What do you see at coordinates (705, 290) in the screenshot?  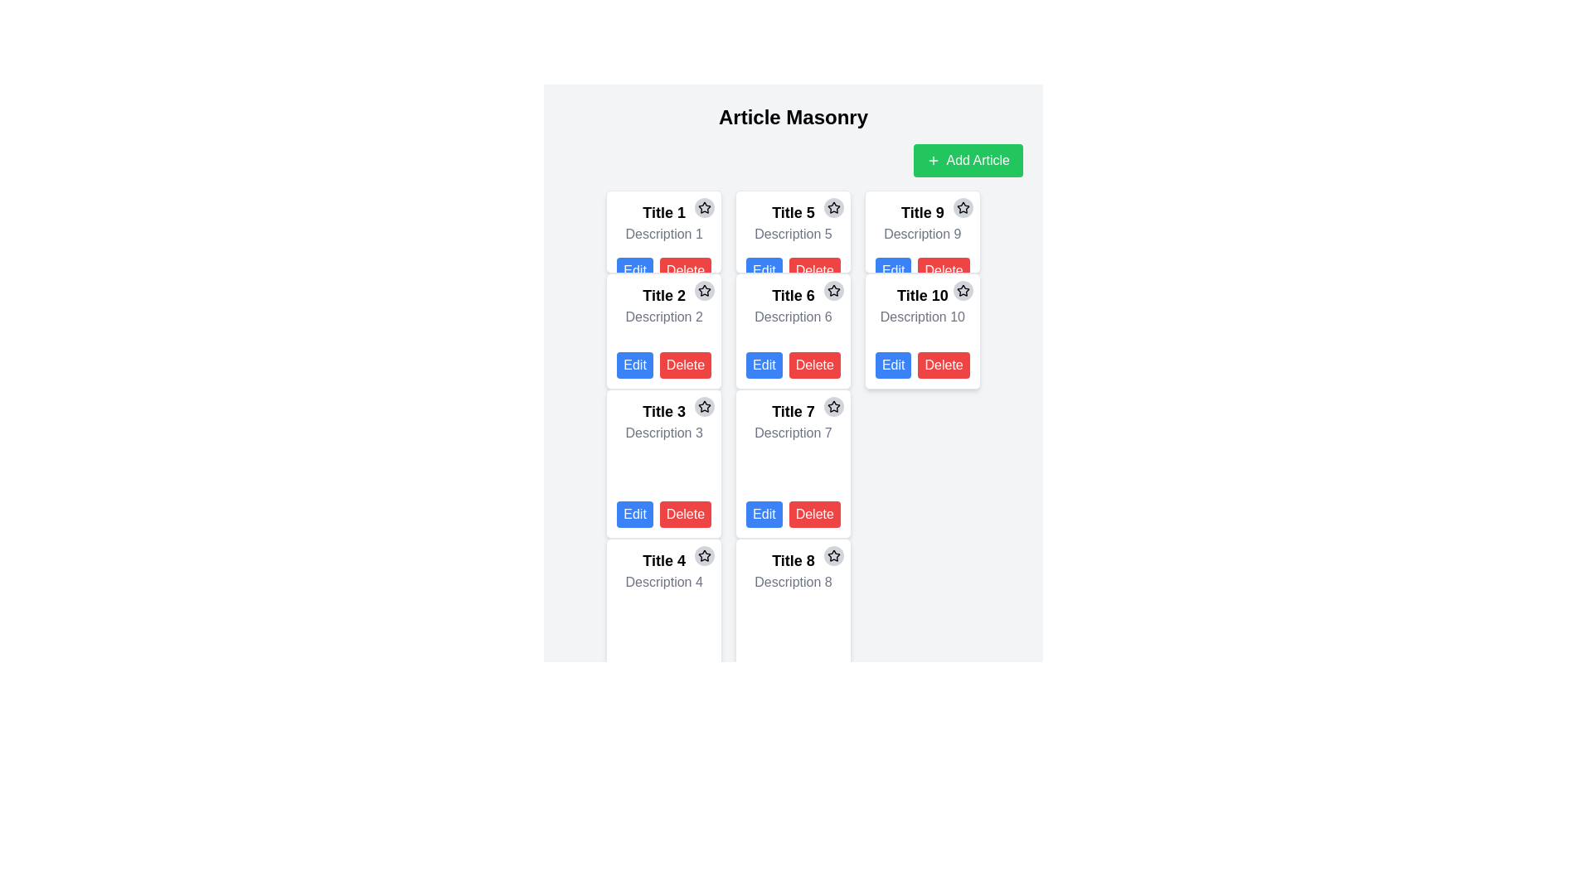 I see `the star icon in the grey circular button located at the top-right of the card labeled 'Title 2'` at bounding box center [705, 290].